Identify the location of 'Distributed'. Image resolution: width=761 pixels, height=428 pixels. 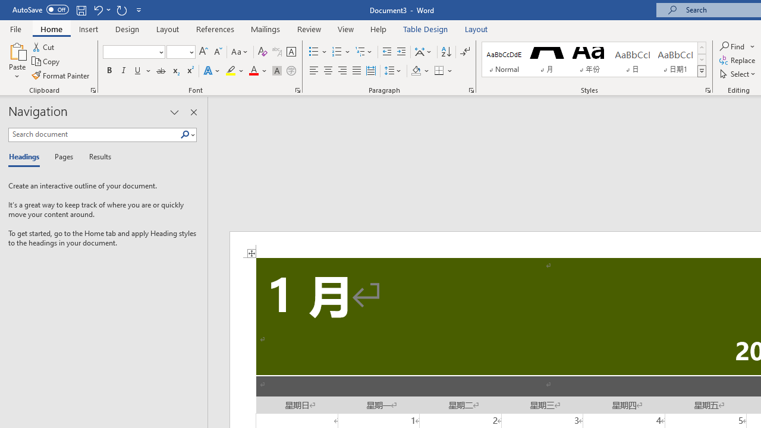
(370, 71).